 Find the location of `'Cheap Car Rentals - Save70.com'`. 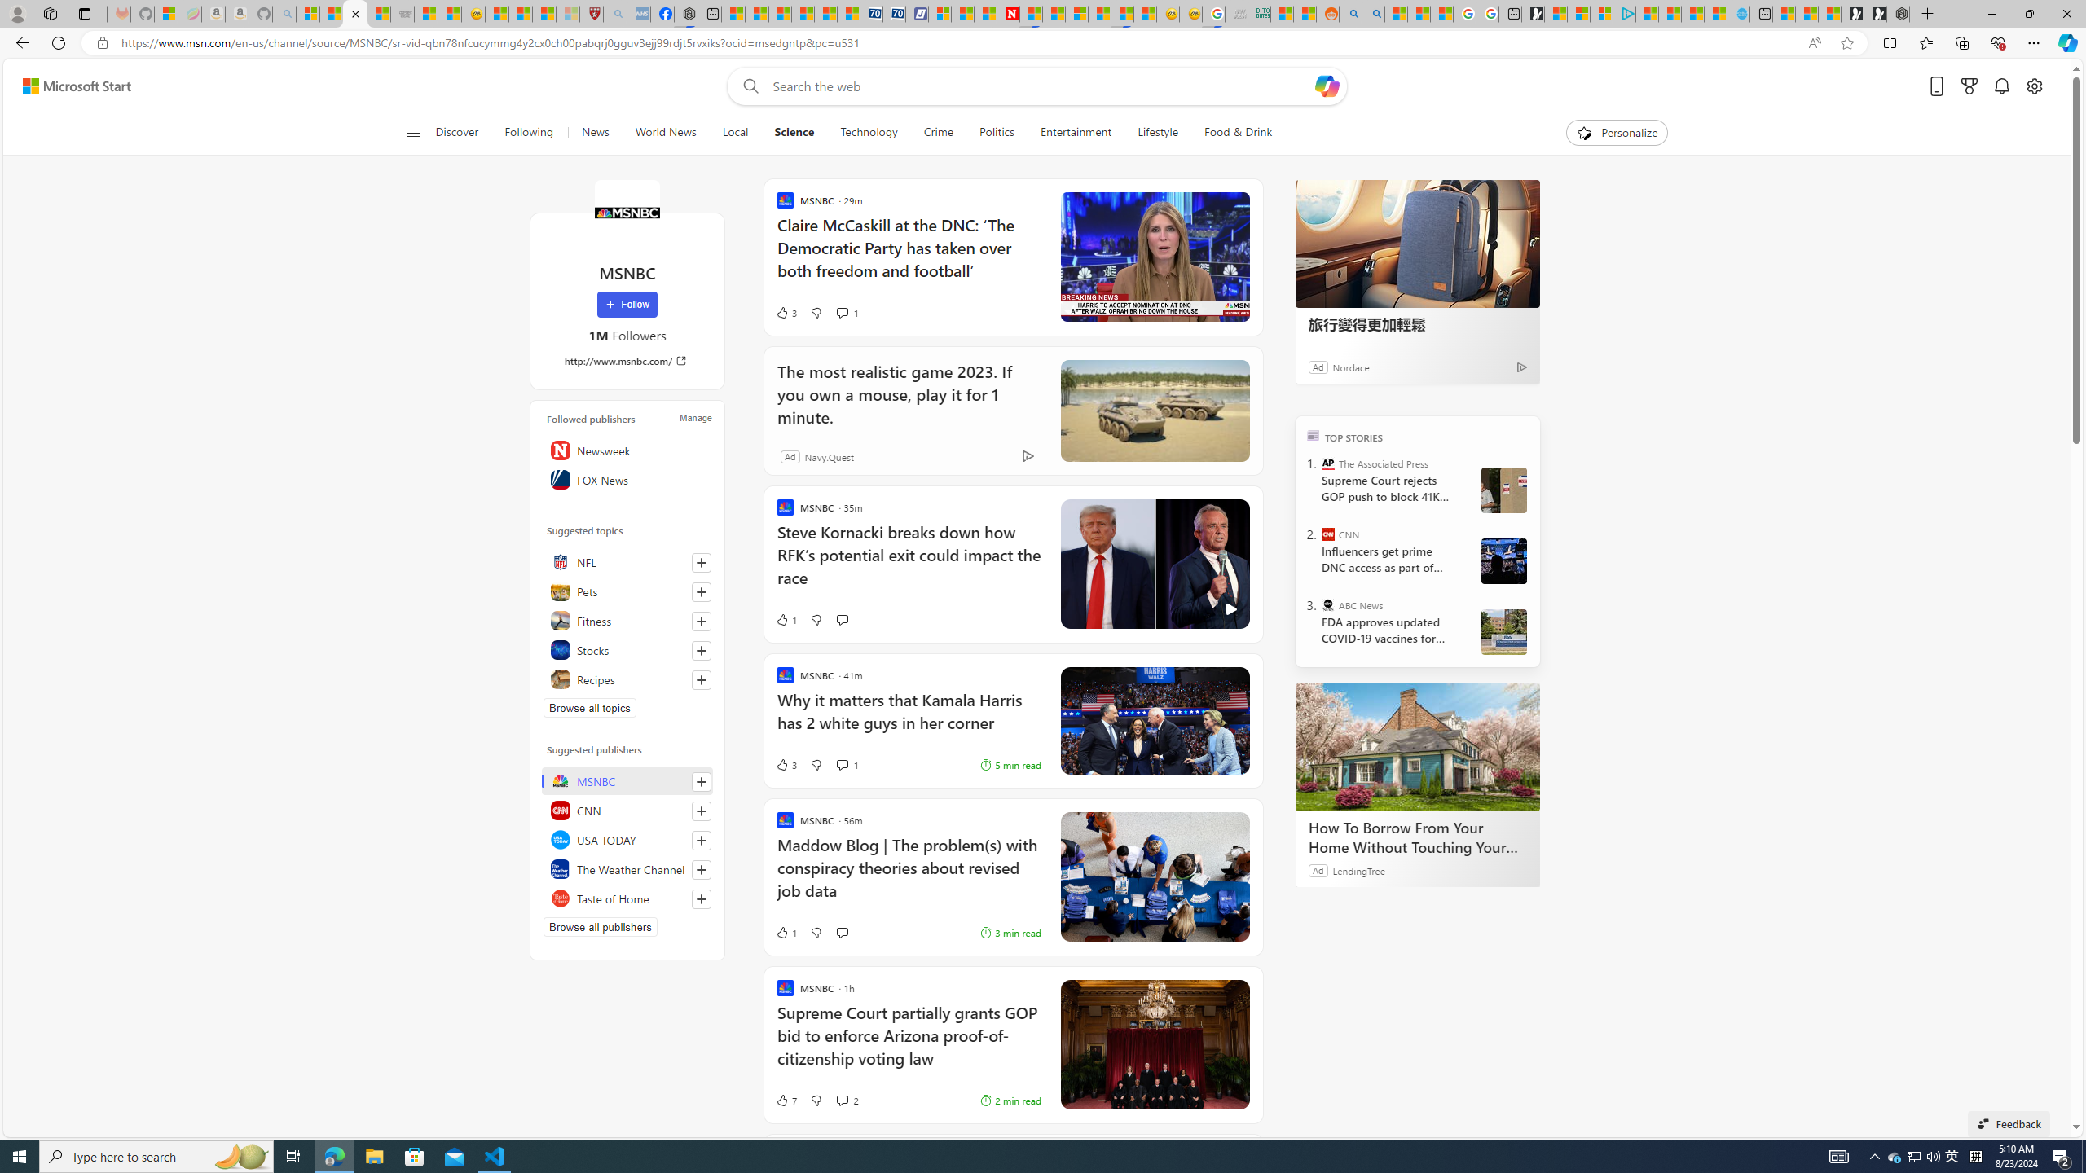

'Cheap Car Rentals - Save70.com' is located at coordinates (871, 13).